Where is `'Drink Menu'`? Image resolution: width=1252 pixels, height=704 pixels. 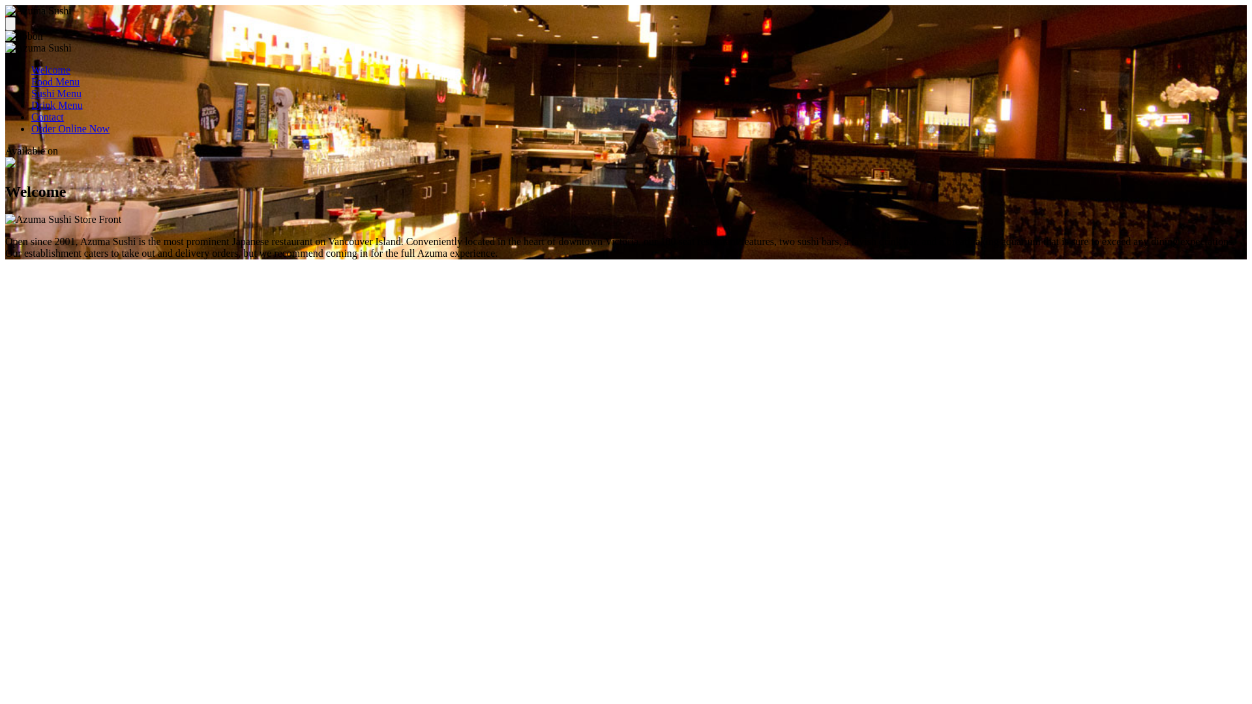
'Drink Menu' is located at coordinates (56, 104).